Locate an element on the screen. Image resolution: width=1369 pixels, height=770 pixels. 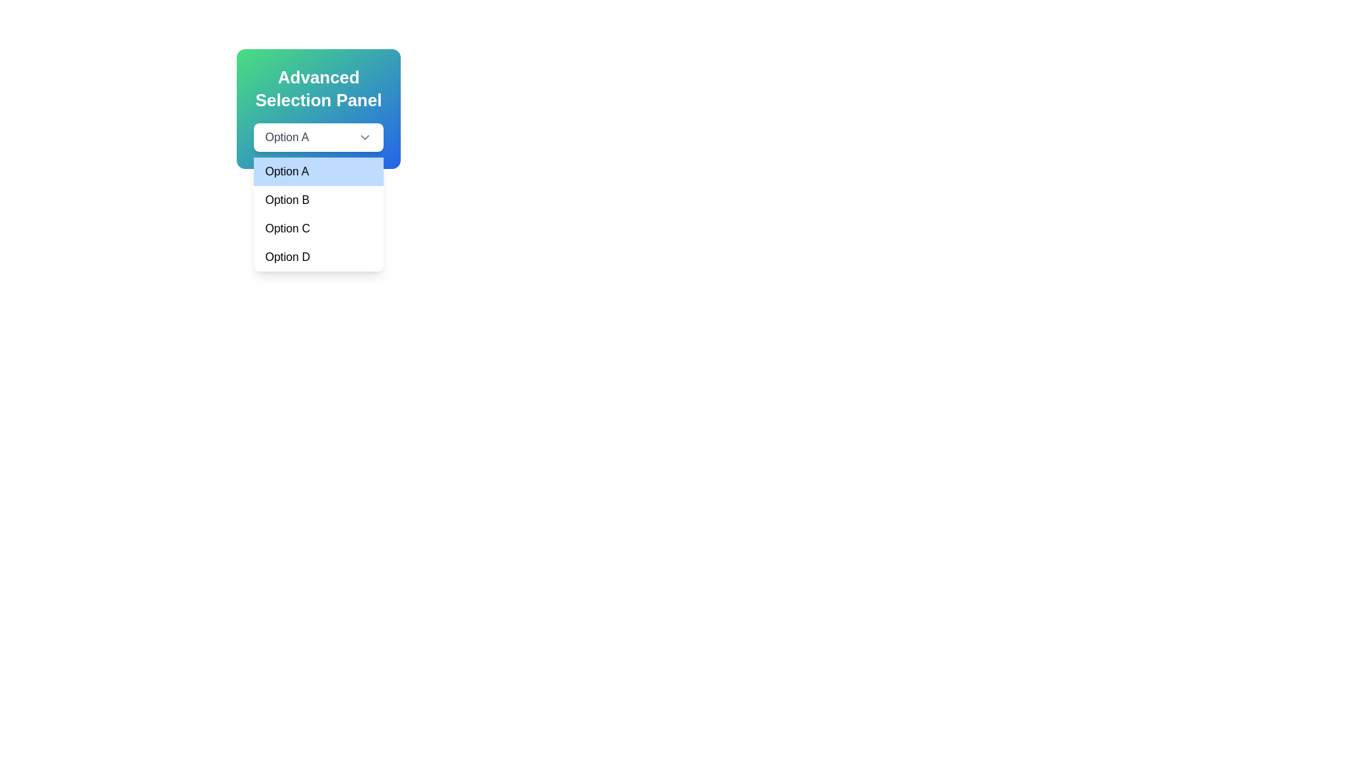
the second item in the dropdown menu that selects 'Option B' as the active choice is located at coordinates (317, 200).